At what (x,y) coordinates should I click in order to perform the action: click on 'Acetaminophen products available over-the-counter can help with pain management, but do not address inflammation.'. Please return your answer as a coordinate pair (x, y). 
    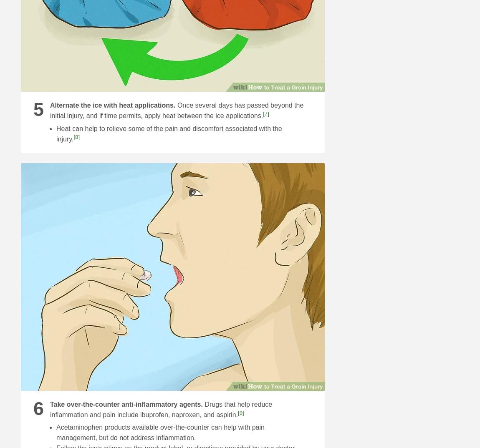
    Looking at the image, I should click on (160, 432).